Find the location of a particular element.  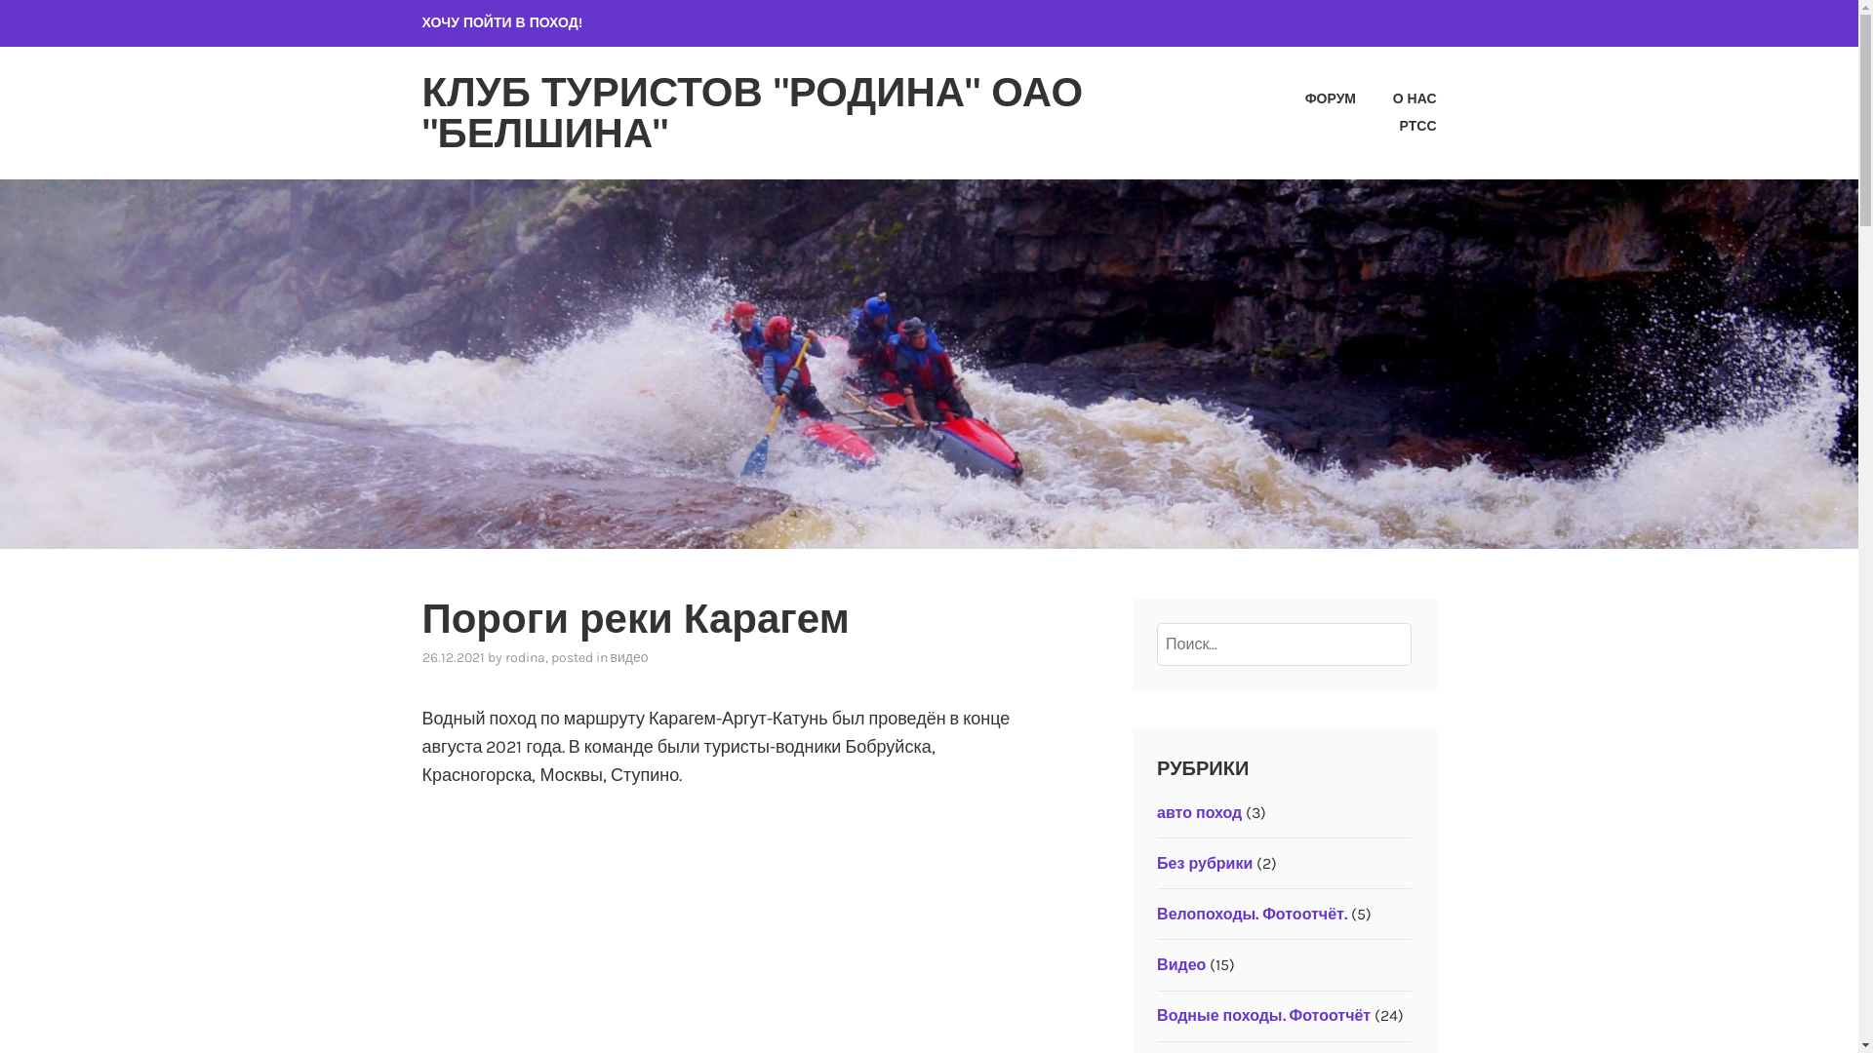

'26.12.2021' is located at coordinates (452, 657).